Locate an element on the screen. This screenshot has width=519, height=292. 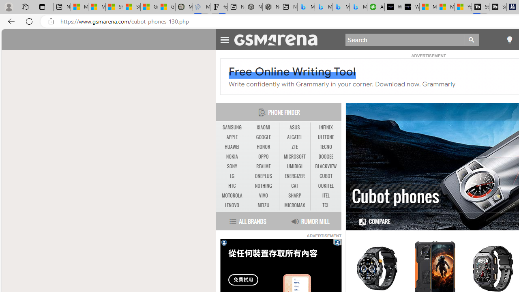
'XIAOMI' is located at coordinates (263, 127).